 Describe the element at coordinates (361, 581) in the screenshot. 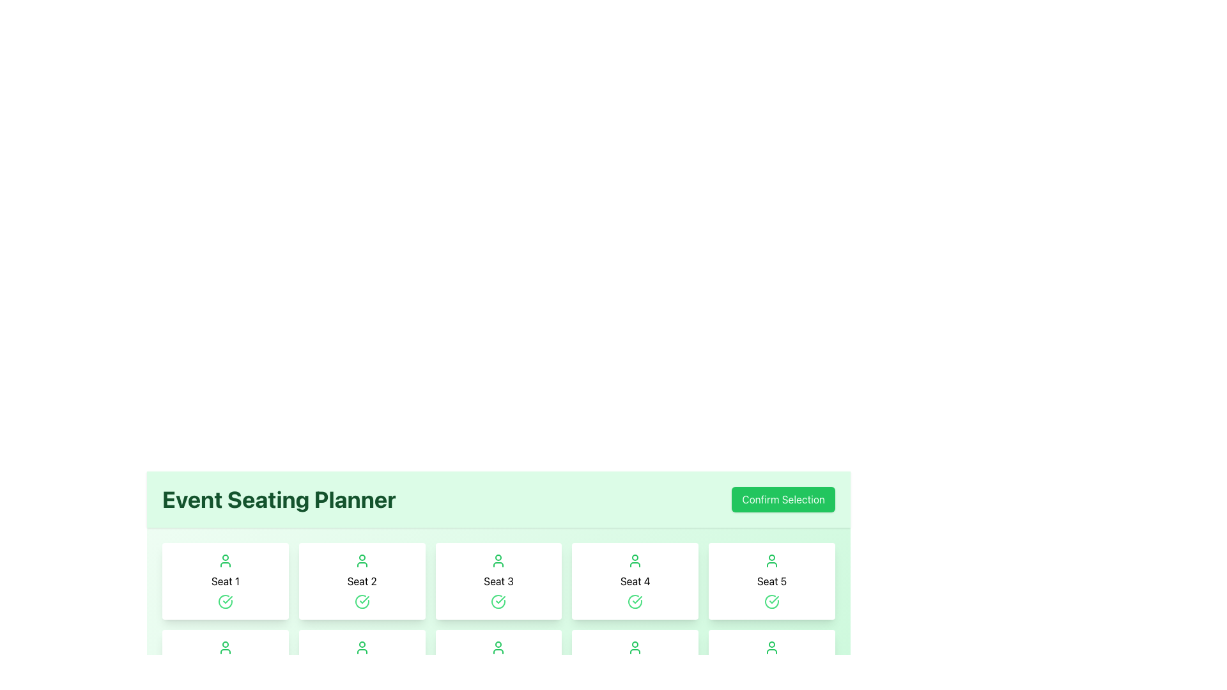

I see `the Text Label that describes the seat number in the Event Seating Planner interface, located between the cards labeled 'Seat 1' and 'Seat 3'` at that location.